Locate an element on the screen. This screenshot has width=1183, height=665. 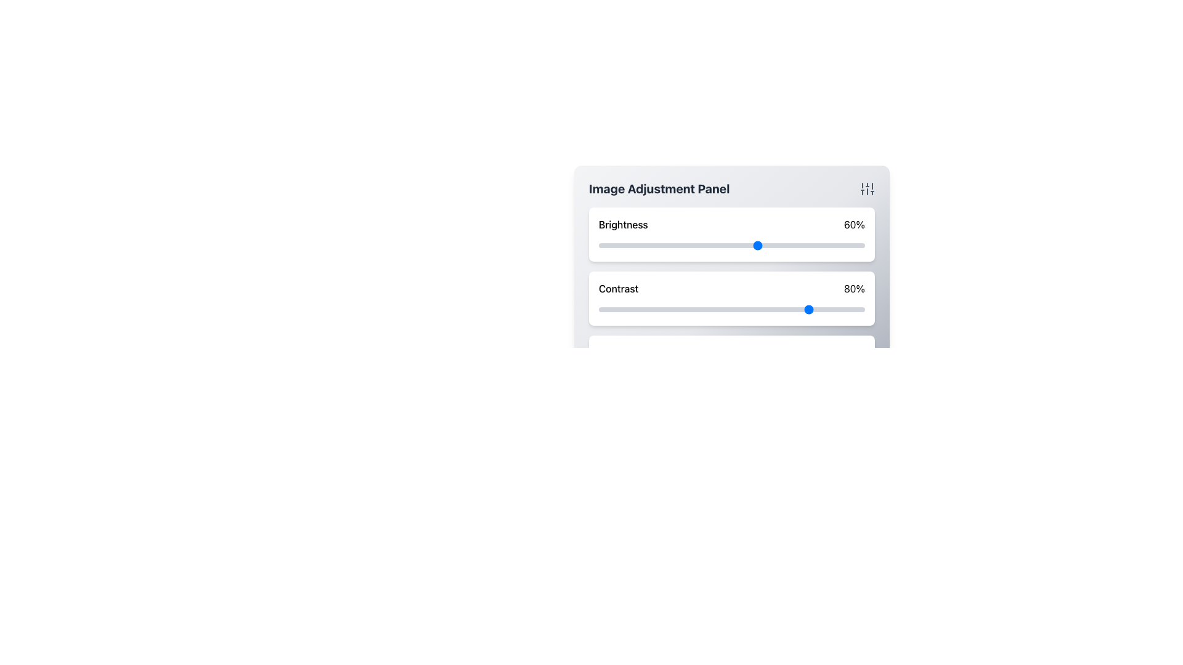
the brightness is located at coordinates (683, 245).